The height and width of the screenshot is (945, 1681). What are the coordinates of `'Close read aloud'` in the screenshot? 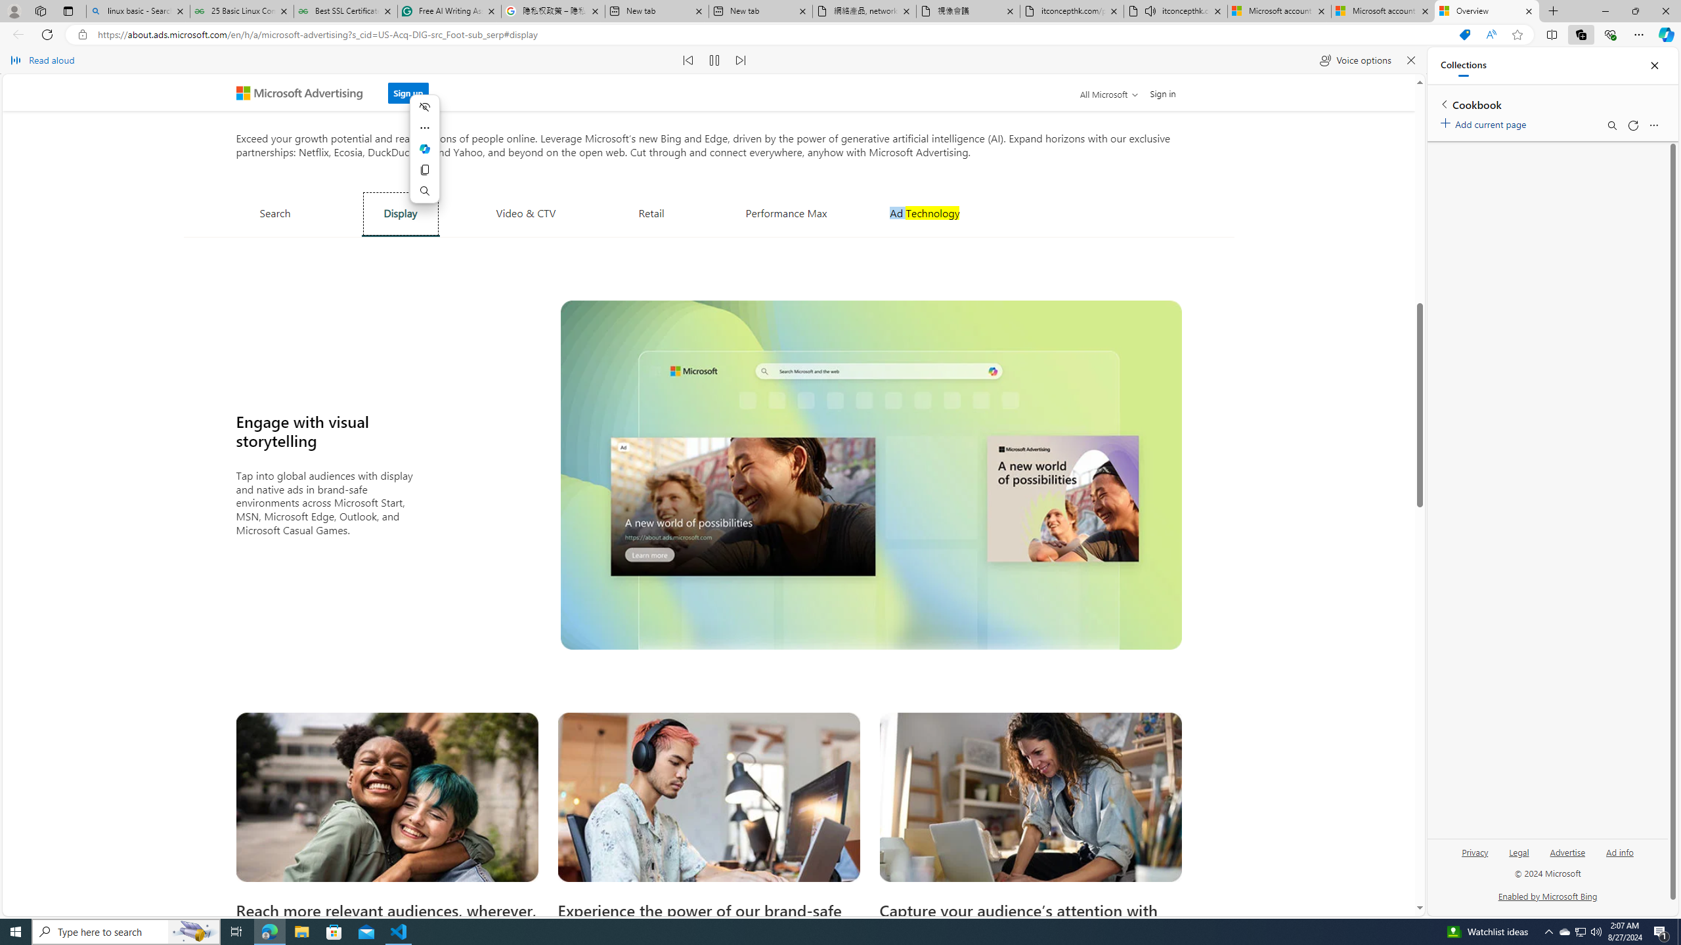 It's located at (1410, 60).